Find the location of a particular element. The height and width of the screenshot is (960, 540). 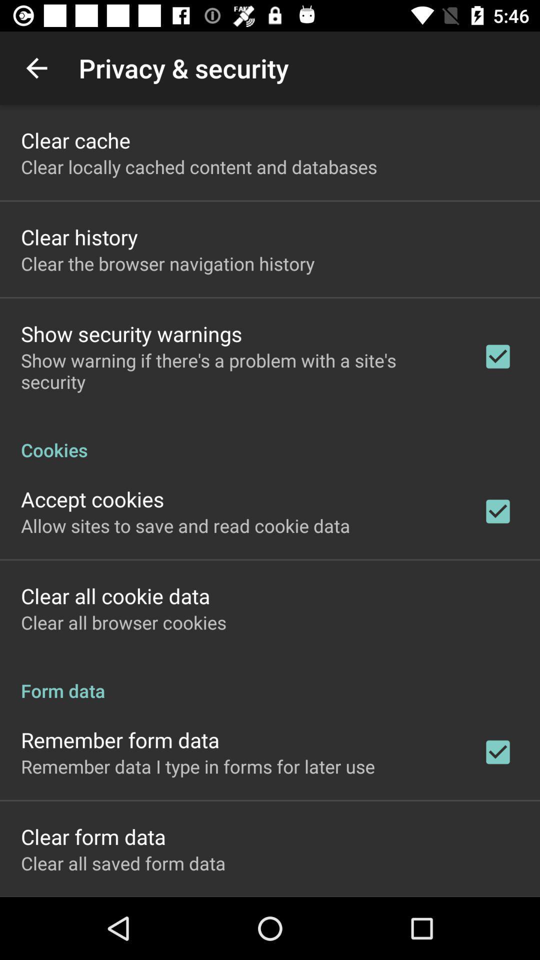

the item below the show security warnings is located at coordinates (238, 370).